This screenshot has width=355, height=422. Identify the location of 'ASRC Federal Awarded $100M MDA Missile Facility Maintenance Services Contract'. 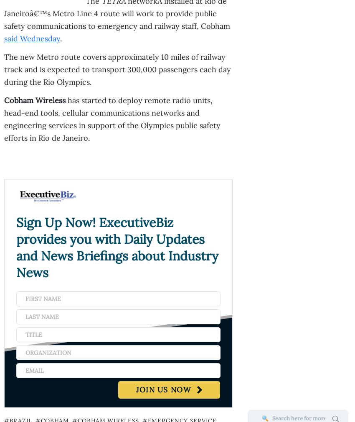
(176, 79).